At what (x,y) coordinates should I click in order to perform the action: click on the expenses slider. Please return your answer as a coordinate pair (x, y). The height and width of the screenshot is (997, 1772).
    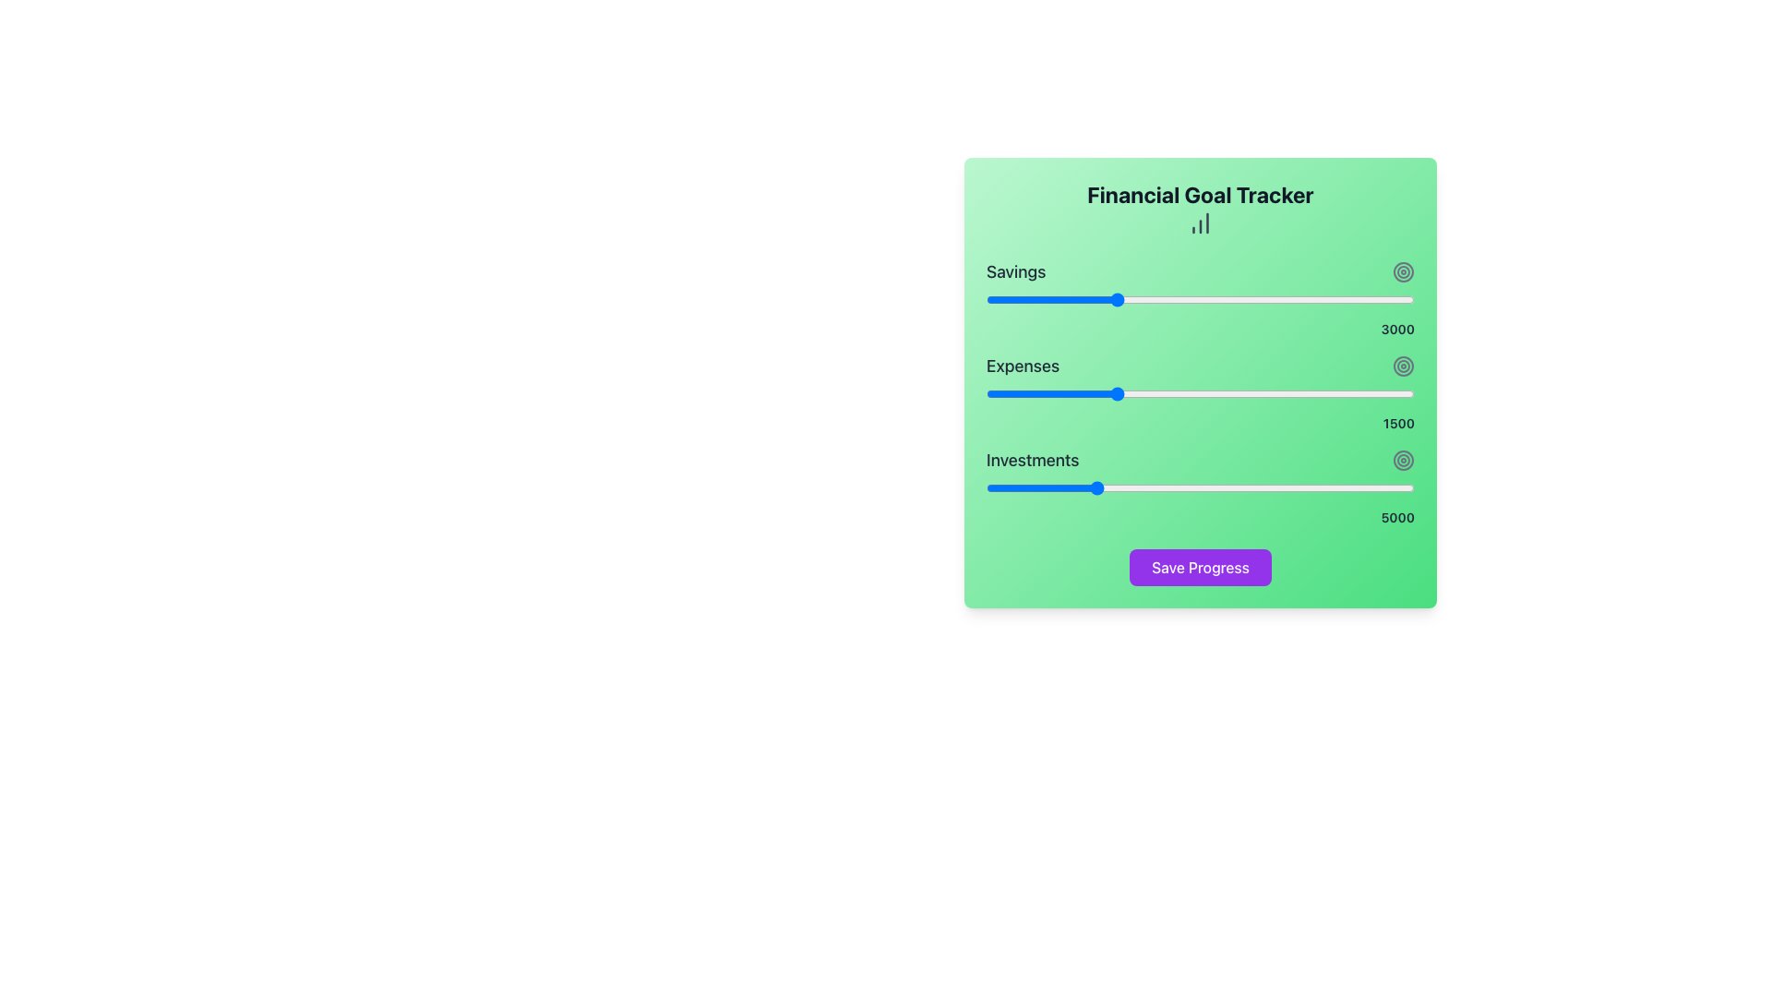
    Looking at the image, I should click on (1201, 393).